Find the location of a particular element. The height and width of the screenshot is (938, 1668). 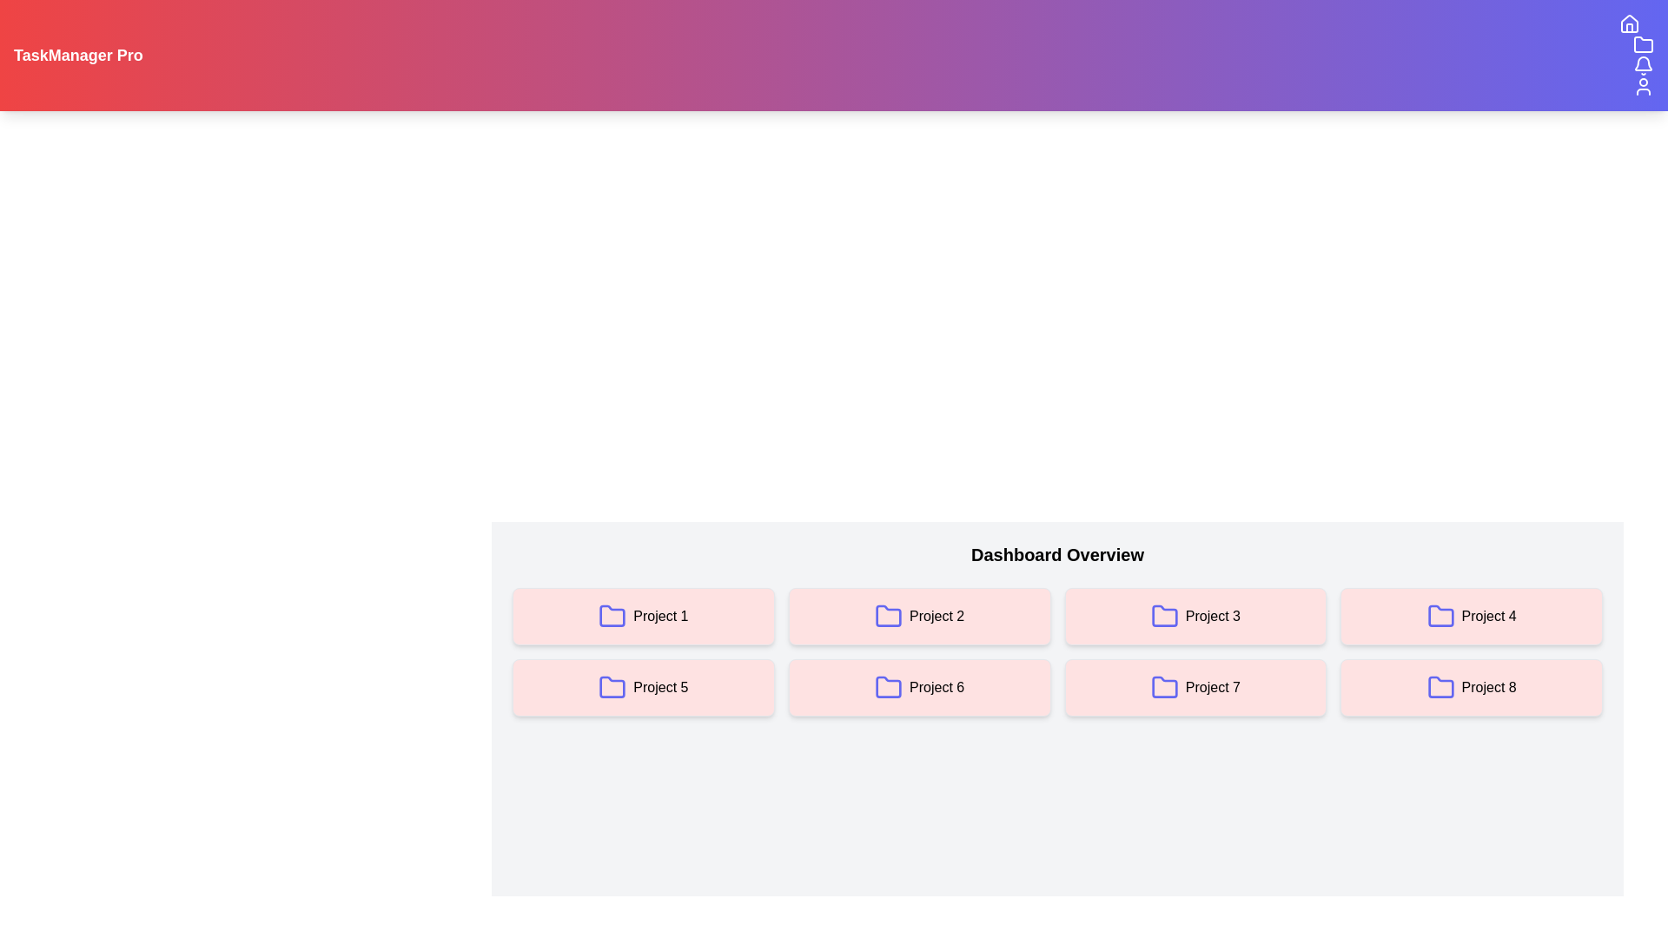

the navigation icon Bell to perform its associated action is located at coordinates (1642, 65).